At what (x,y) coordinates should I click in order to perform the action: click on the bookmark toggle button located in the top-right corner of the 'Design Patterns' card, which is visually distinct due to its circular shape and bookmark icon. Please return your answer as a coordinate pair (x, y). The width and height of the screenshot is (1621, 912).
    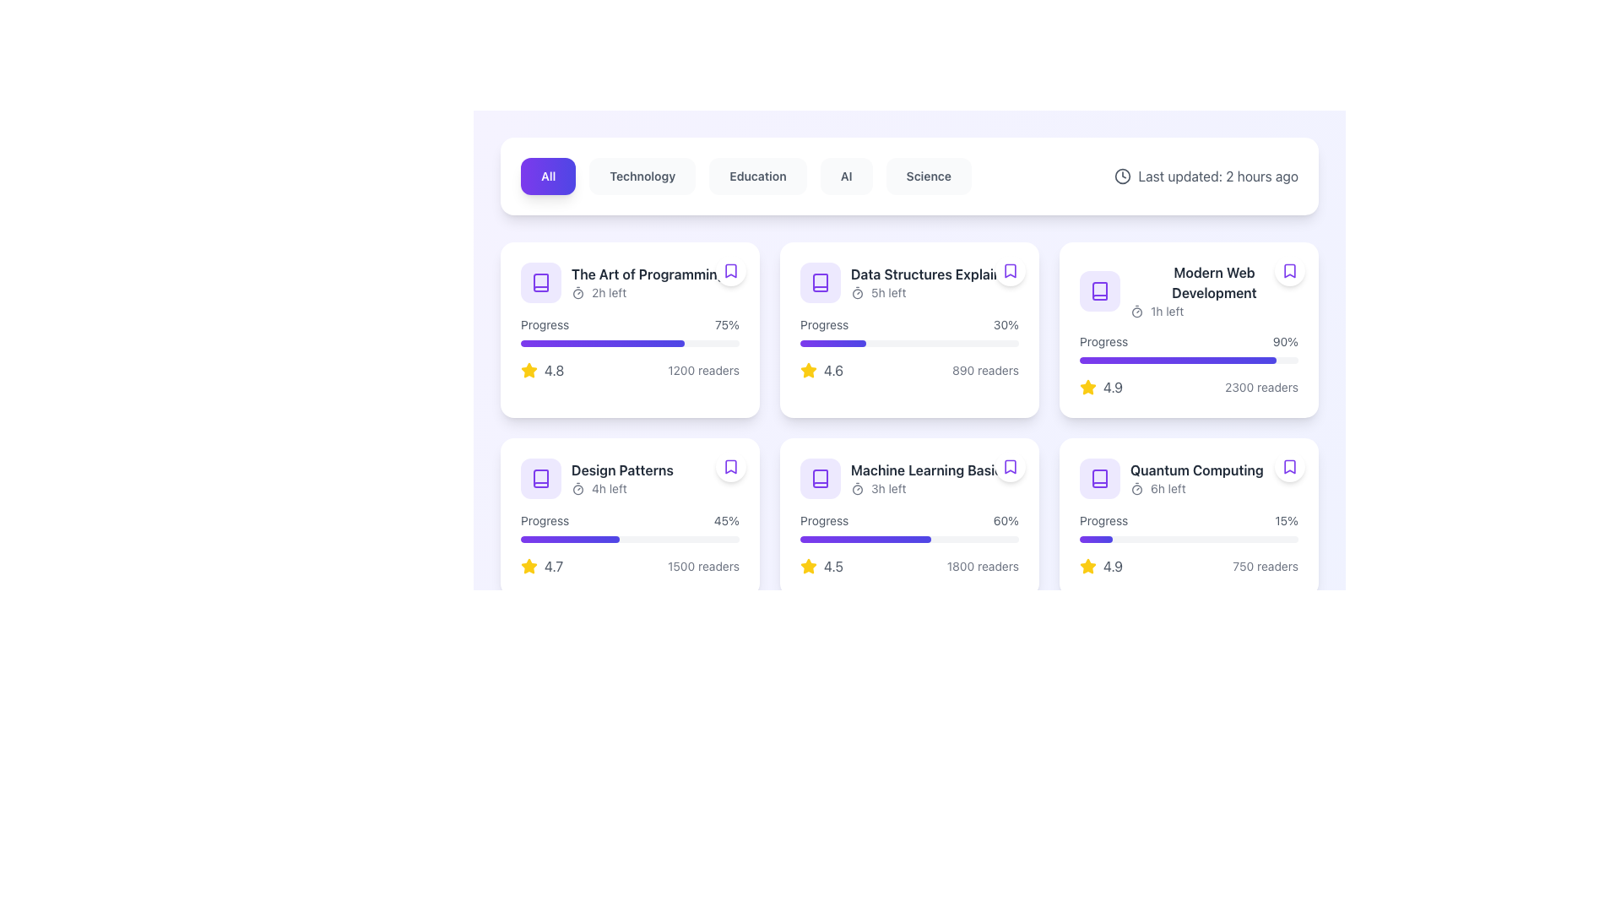
    Looking at the image, I should click on (730, 466).